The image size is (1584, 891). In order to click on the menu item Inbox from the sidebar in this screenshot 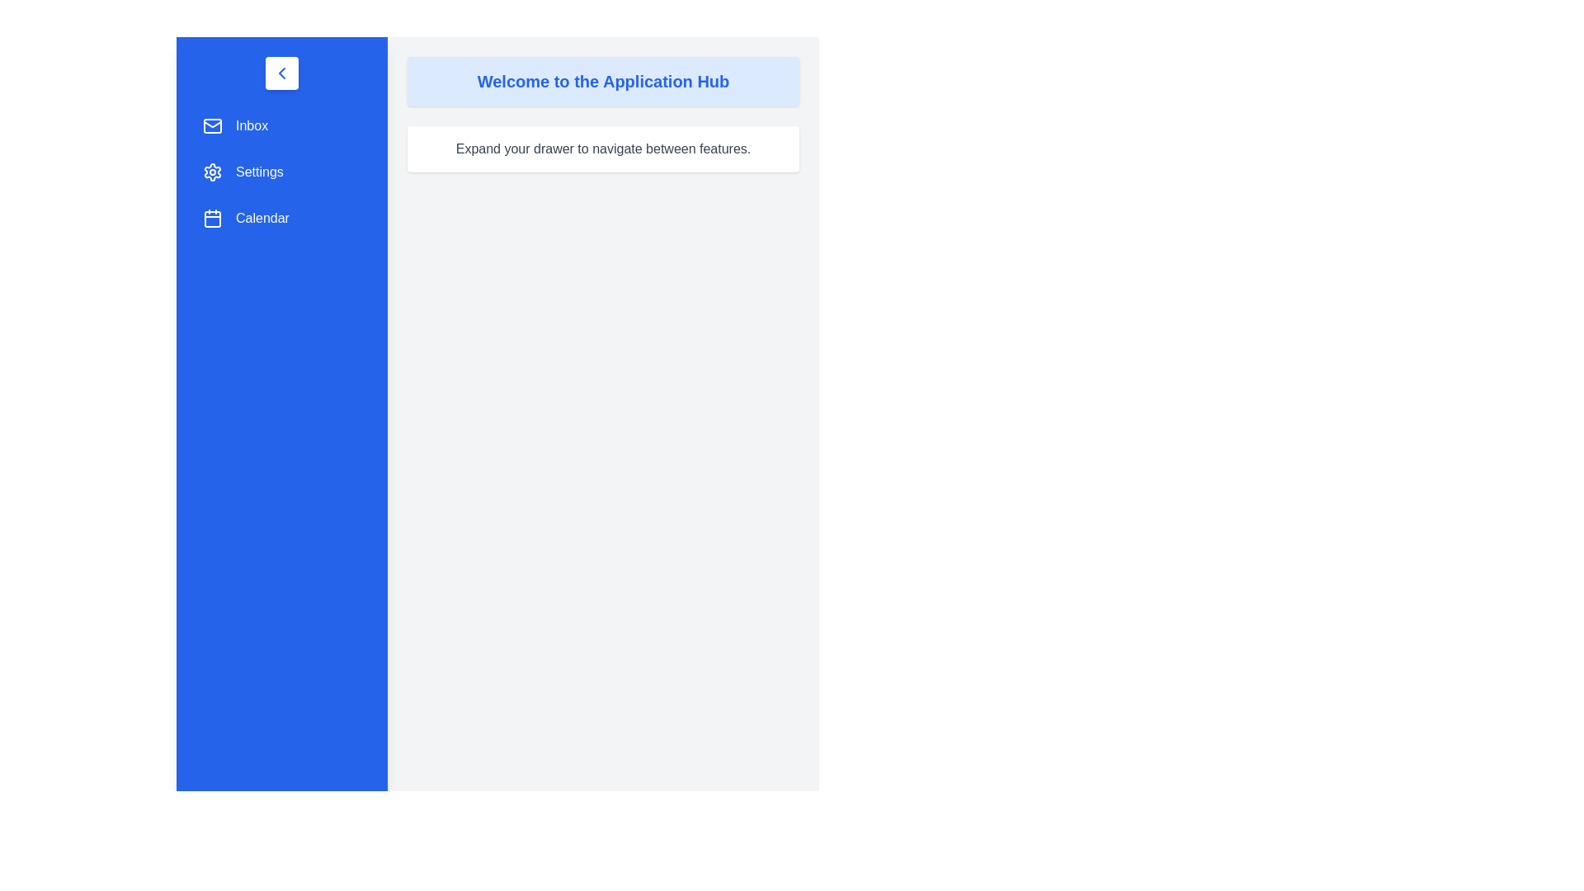, I will do `click(281, 125)`.